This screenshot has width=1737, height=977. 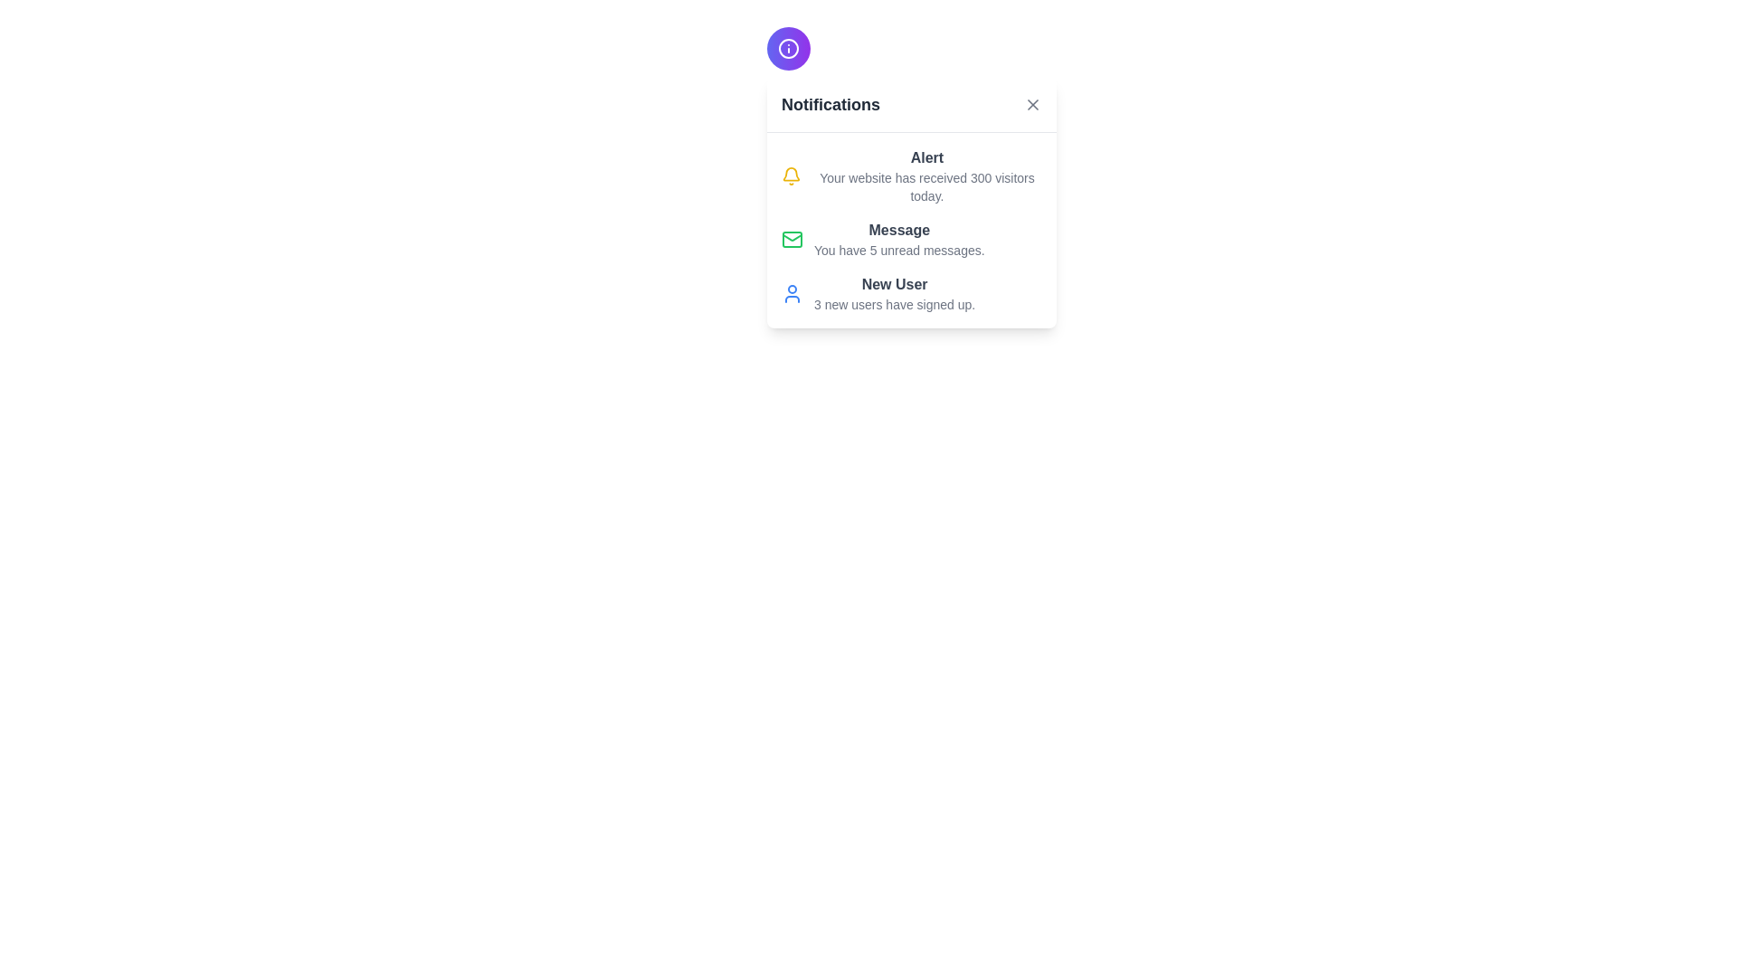 I want to click on notification item with the yellow bell icon and the heading 'Alert', which indicates that 'Your website has received 300 visitors today.', so click(x=912, y=176).